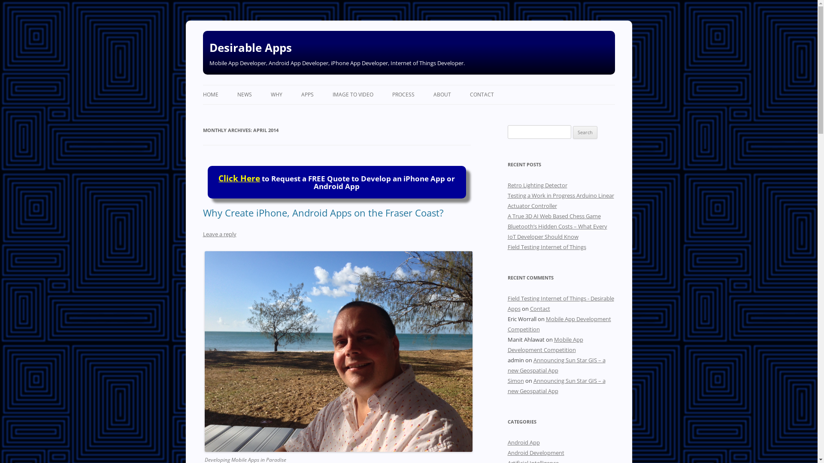 Image resolution: width=824 pixels, height=463 pixels. Describe the element at coordinates (322, 212) in the screenshot. I see `'Why Create iPhone, Android Apps on the Fraser Coast?'` at that location.